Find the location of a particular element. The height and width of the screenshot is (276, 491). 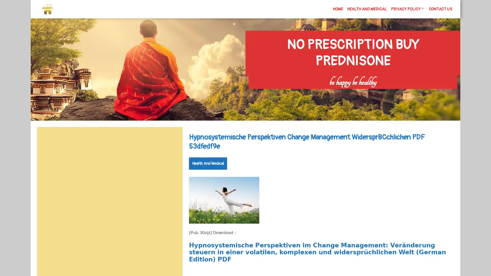

Search is located at coordinates (398, 92).